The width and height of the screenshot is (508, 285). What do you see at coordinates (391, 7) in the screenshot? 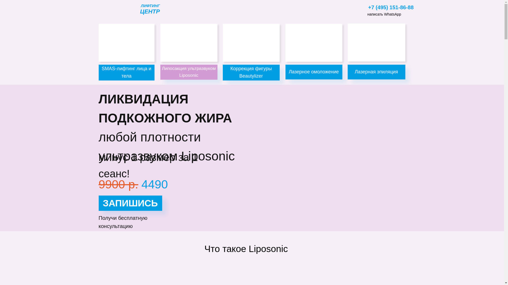
I see `'+7 (495) 151-86-88'` at bounding box center [391, 7].